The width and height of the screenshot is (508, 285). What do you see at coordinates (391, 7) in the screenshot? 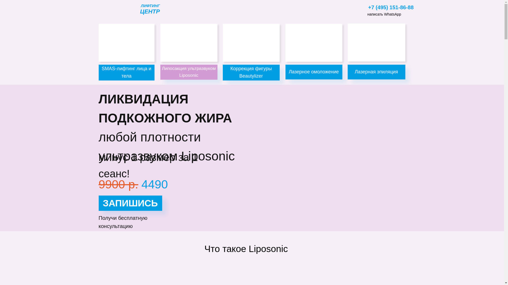
I see `'+7 (495) 151-86-88'` at bounding box center [391, 7].